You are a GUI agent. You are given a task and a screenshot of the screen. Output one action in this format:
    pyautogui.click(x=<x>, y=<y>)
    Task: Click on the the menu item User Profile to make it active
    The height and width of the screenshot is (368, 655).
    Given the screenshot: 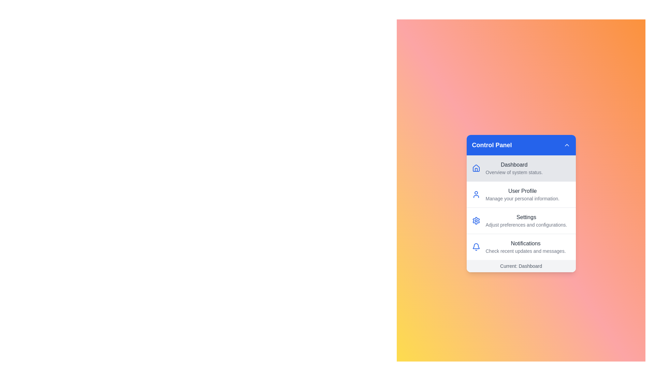 What is the action you would take?
    pyautogui.click(x=521, y=194)
    